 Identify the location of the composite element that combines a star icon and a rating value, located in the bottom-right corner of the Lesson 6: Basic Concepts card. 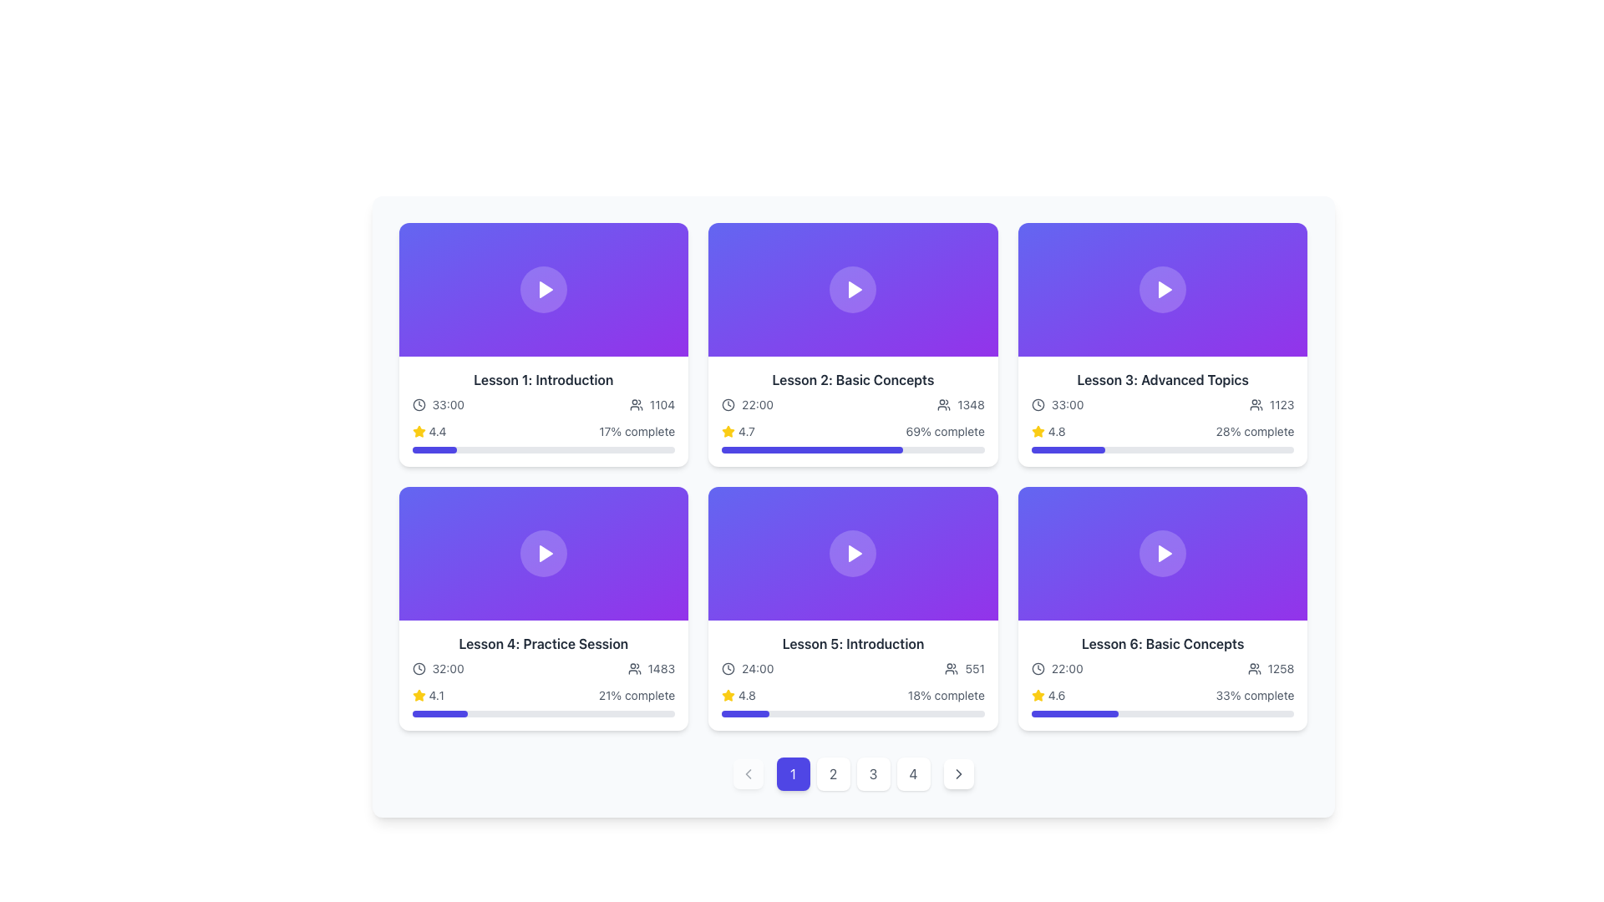
(1048, 696).